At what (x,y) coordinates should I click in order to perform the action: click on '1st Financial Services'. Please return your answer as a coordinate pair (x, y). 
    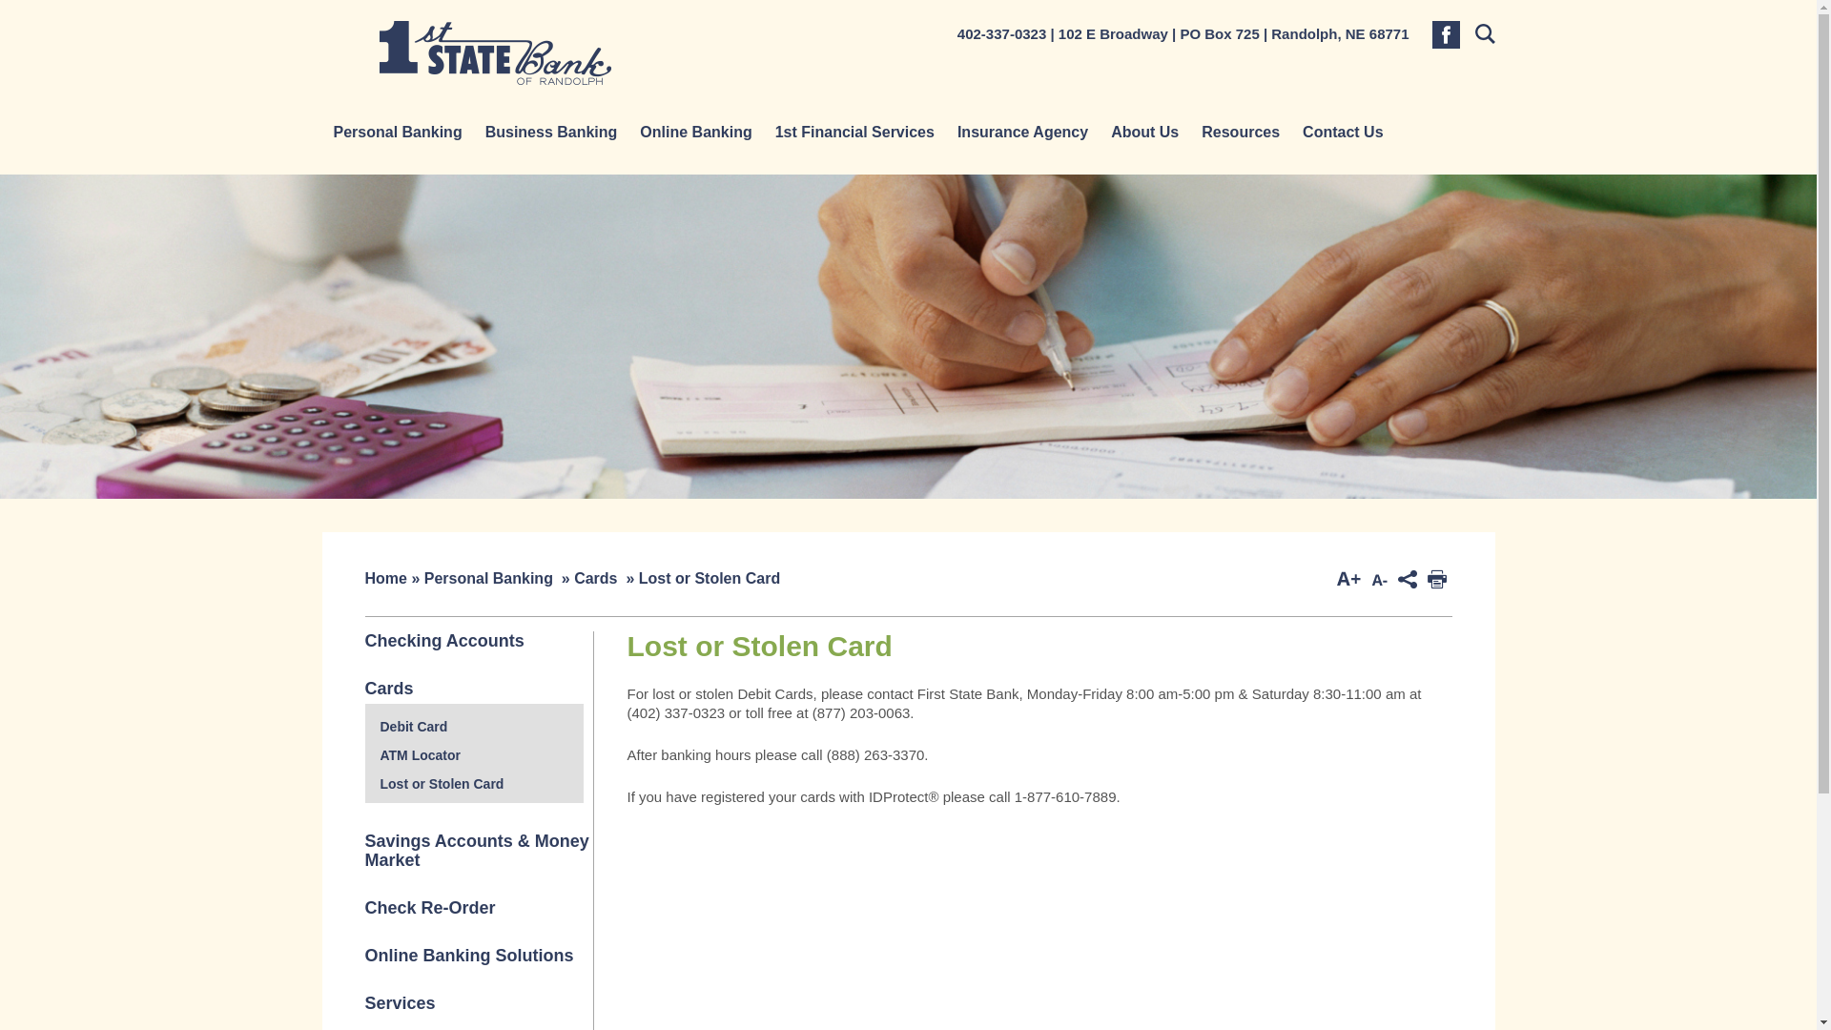
    Looking at the image, I should click on (854, 131).